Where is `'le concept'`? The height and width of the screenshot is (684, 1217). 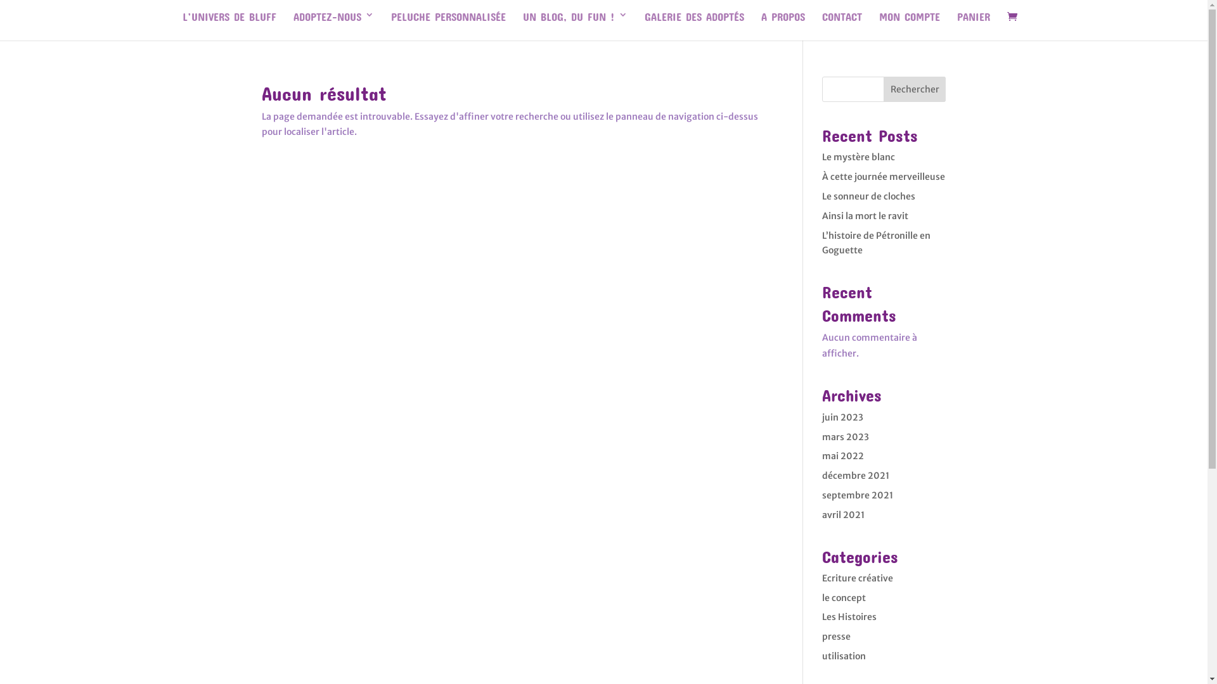 'le concept' is located at coordinates (844, 598).